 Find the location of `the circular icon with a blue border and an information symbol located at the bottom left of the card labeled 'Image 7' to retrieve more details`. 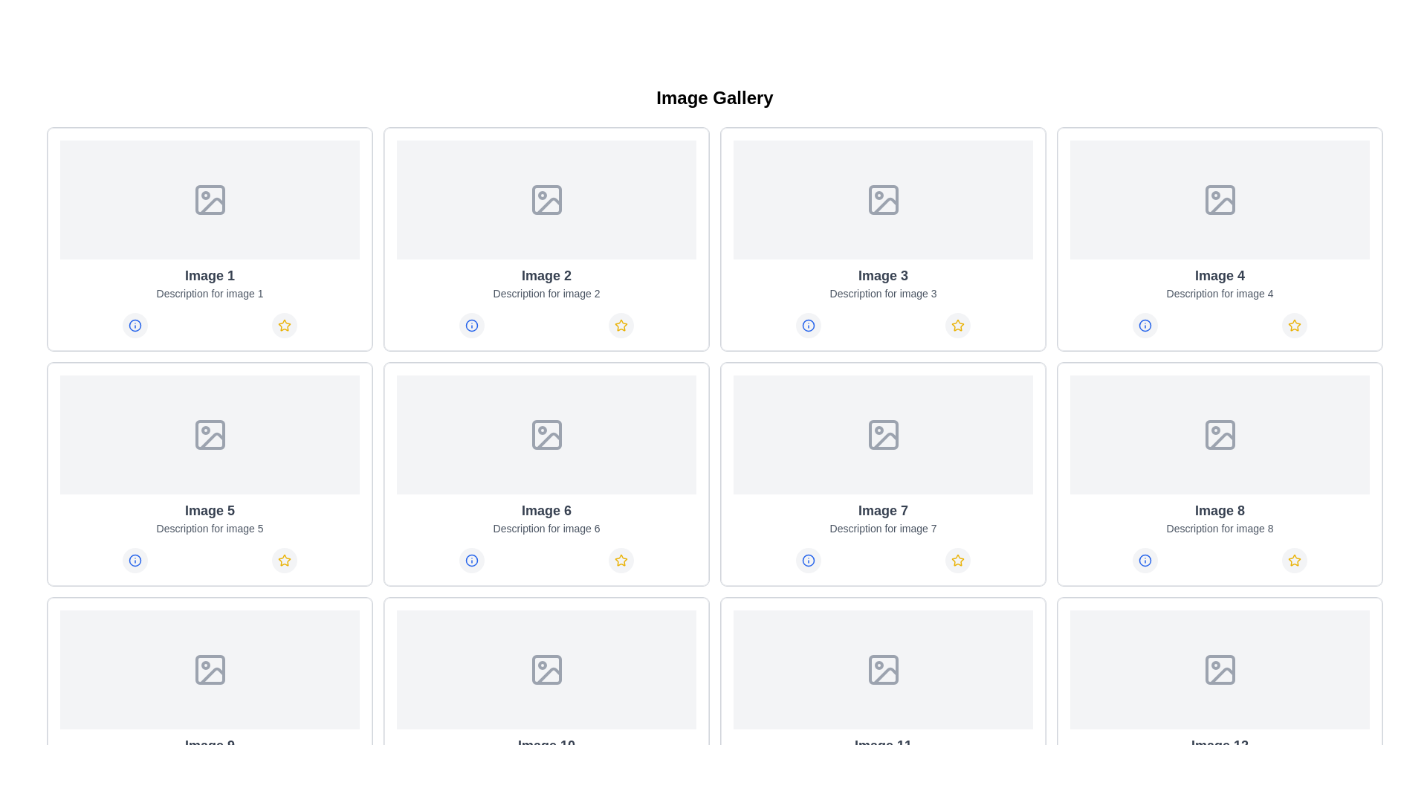

the circular icon with a blue border and an information symbol located at the bottom left of the card labeled 'Image 7' to retrieve more details is located at coordinates (807, 560).